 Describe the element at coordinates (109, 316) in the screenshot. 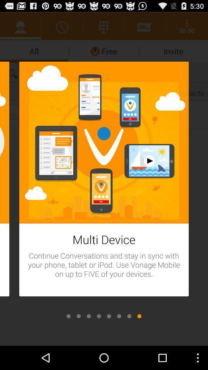

I see `the next page` at that location.